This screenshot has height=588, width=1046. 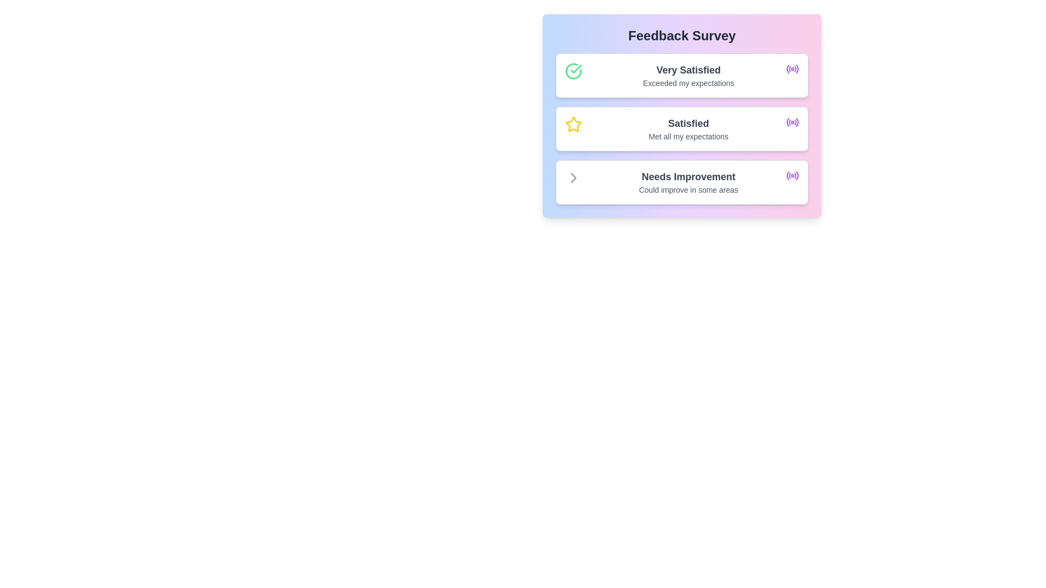 I want to click on the yellow star icon with a hollow center and thick outline, which is the second choice in the vertical list of feedback levels on the survey card, aligned to the left of the text 'Satisfied', so click(x=573, y=124).